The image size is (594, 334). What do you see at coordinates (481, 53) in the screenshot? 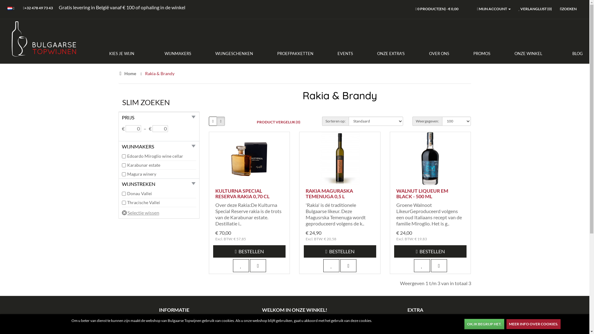
I see `'PROMOS'` at bounding box center [481, 53].